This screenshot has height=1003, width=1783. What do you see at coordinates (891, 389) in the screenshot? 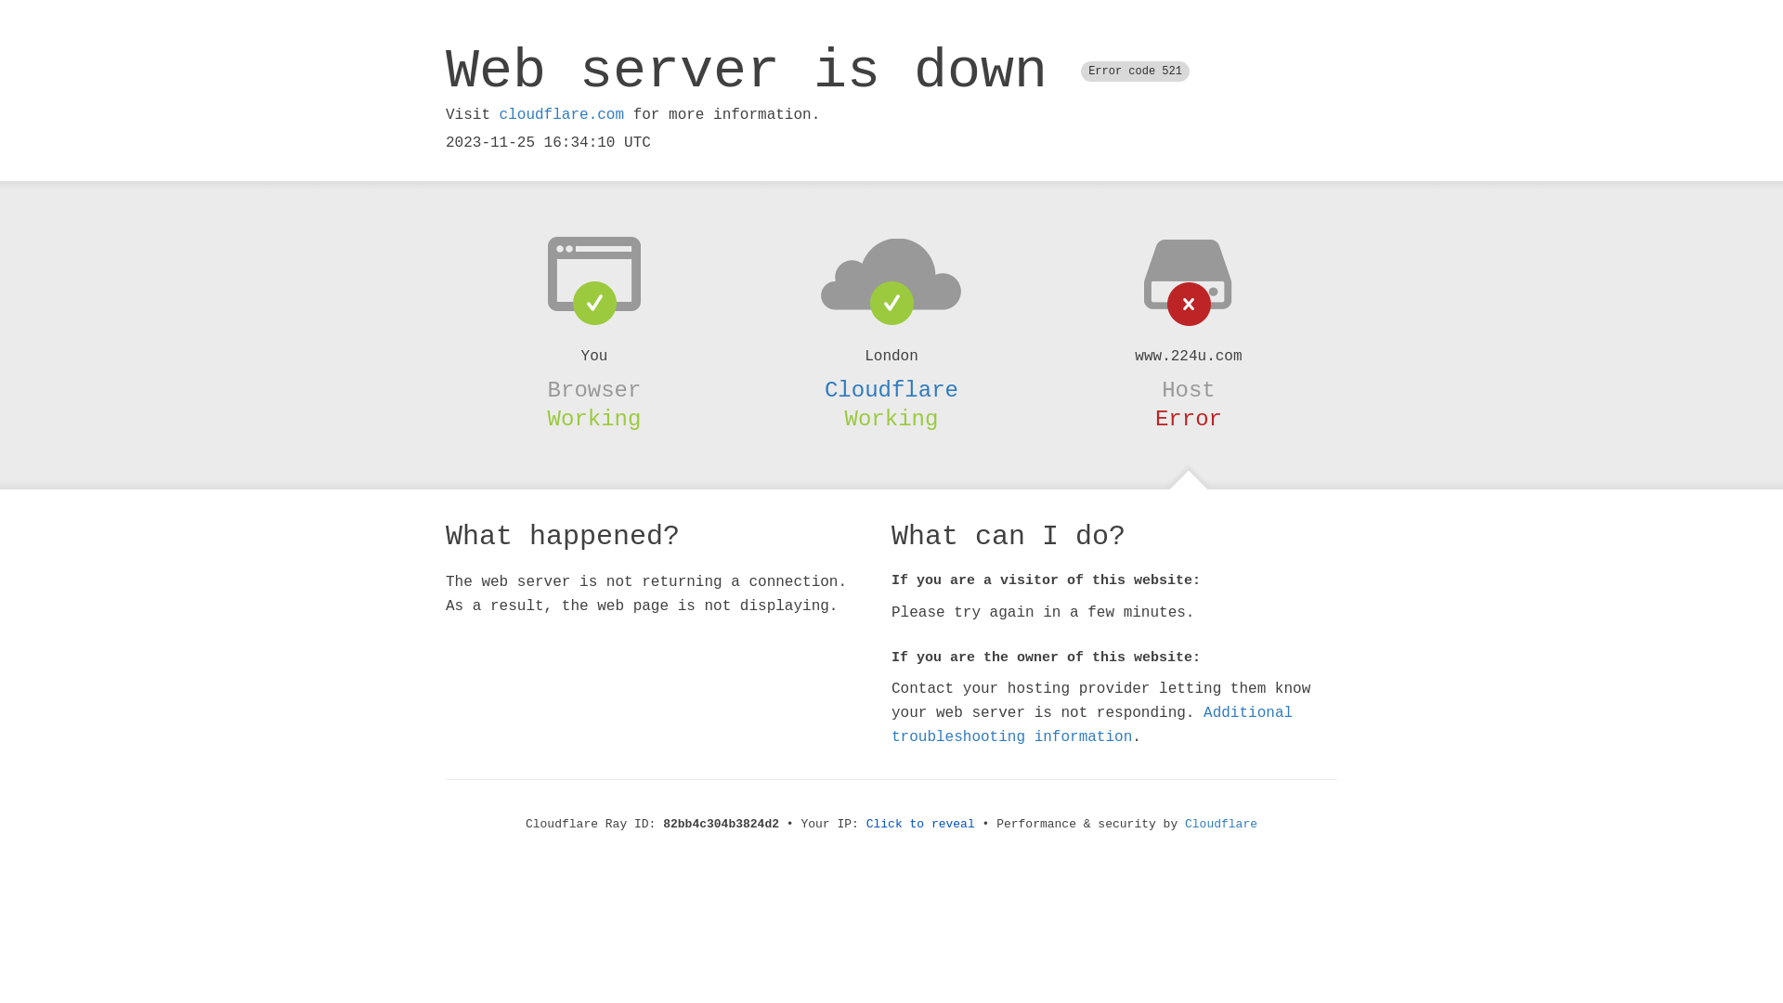
I see `'Cloudflare'` at bounding box center [891, 389].